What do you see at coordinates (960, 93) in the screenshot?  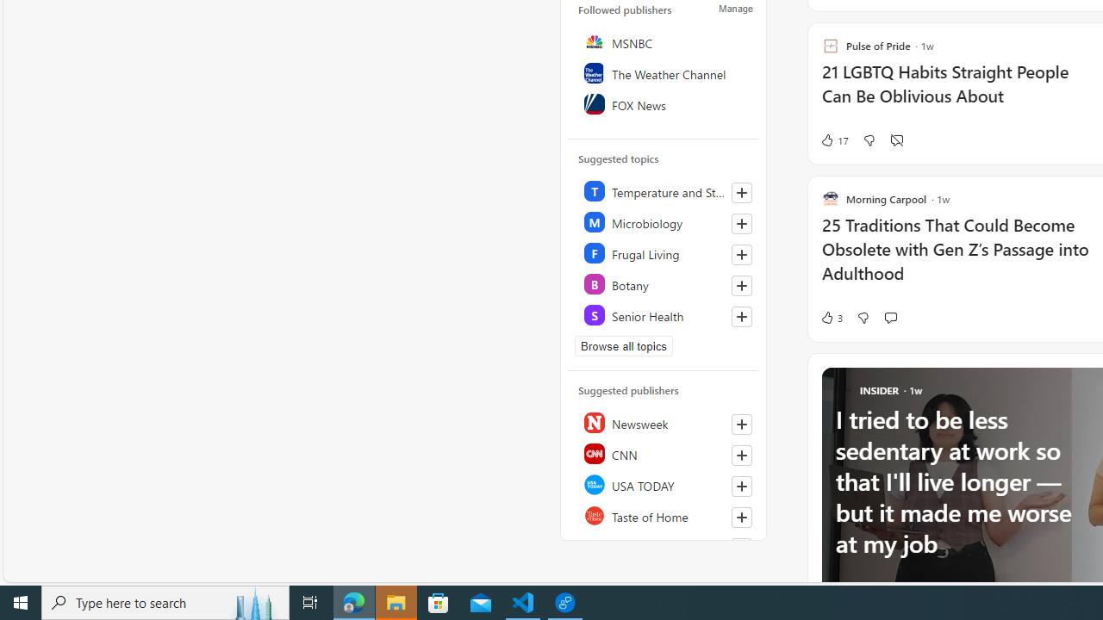 I see `'21 LGBTQ Habits Straight People Can Be Oblivious About'` at bounding box center [960, 93].